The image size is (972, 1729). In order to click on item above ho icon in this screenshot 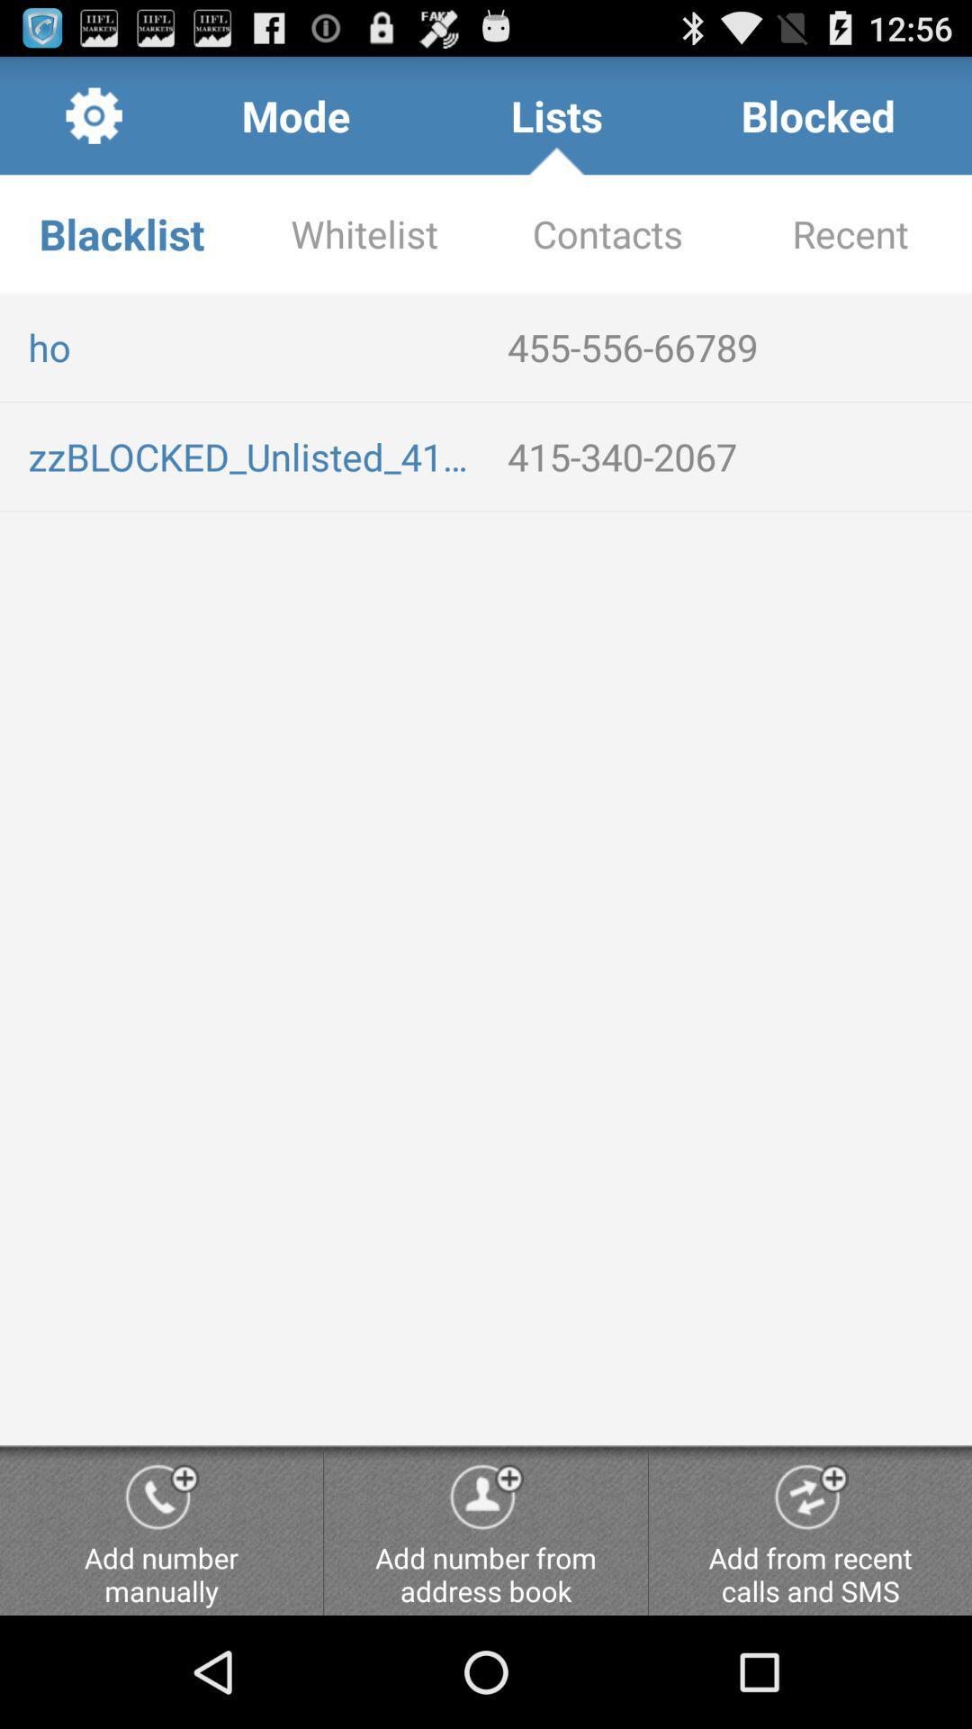, I will do `click(607, 232)`.